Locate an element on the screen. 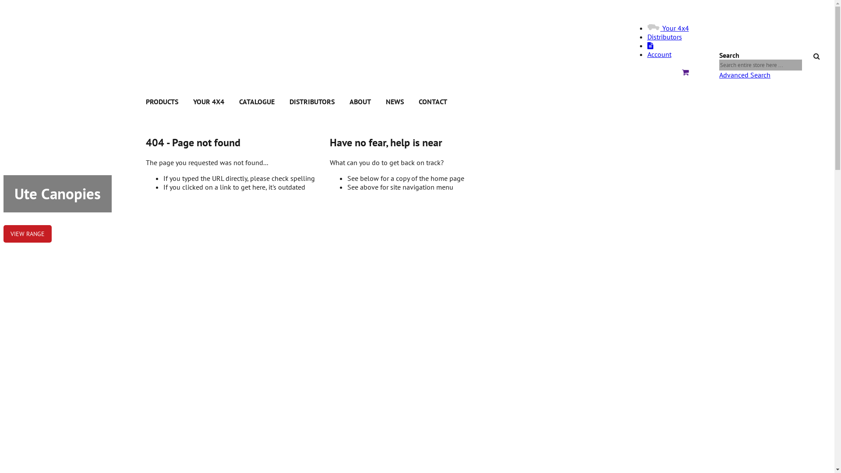 This screenshot has width=841, height=473. 'CATALOGUE' is located at coordinates (256, 101).